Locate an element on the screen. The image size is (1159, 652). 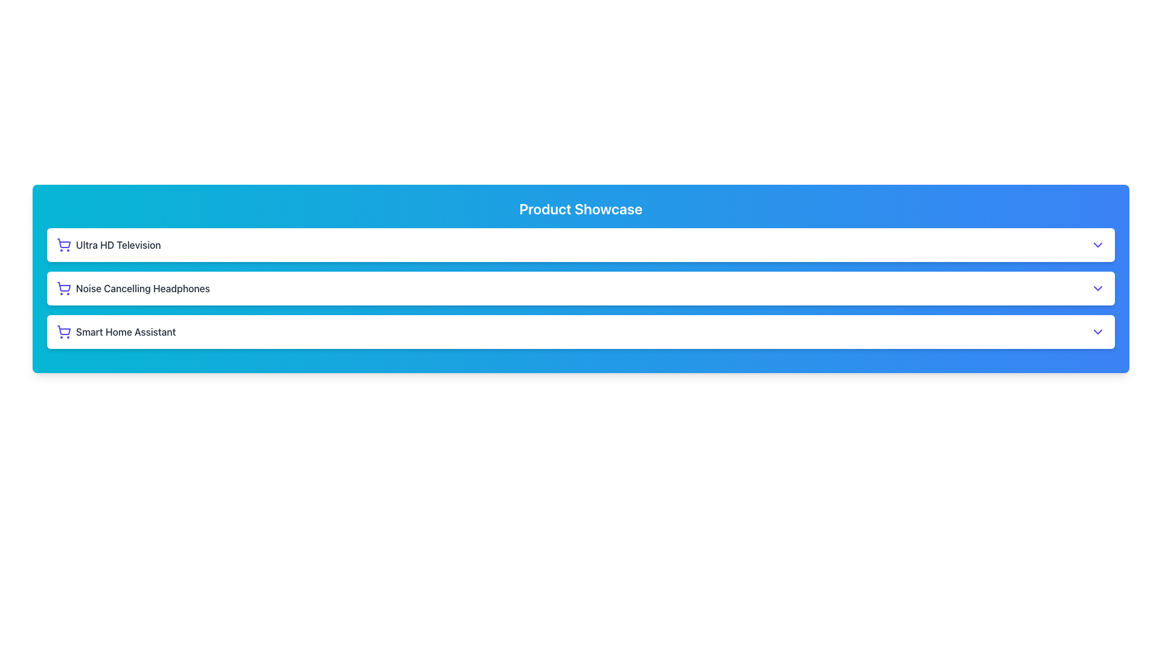
the Text Label that serves as a heading or title for the section, positioned at the top of the gradient blue background section is located at coordinates (581, 208).